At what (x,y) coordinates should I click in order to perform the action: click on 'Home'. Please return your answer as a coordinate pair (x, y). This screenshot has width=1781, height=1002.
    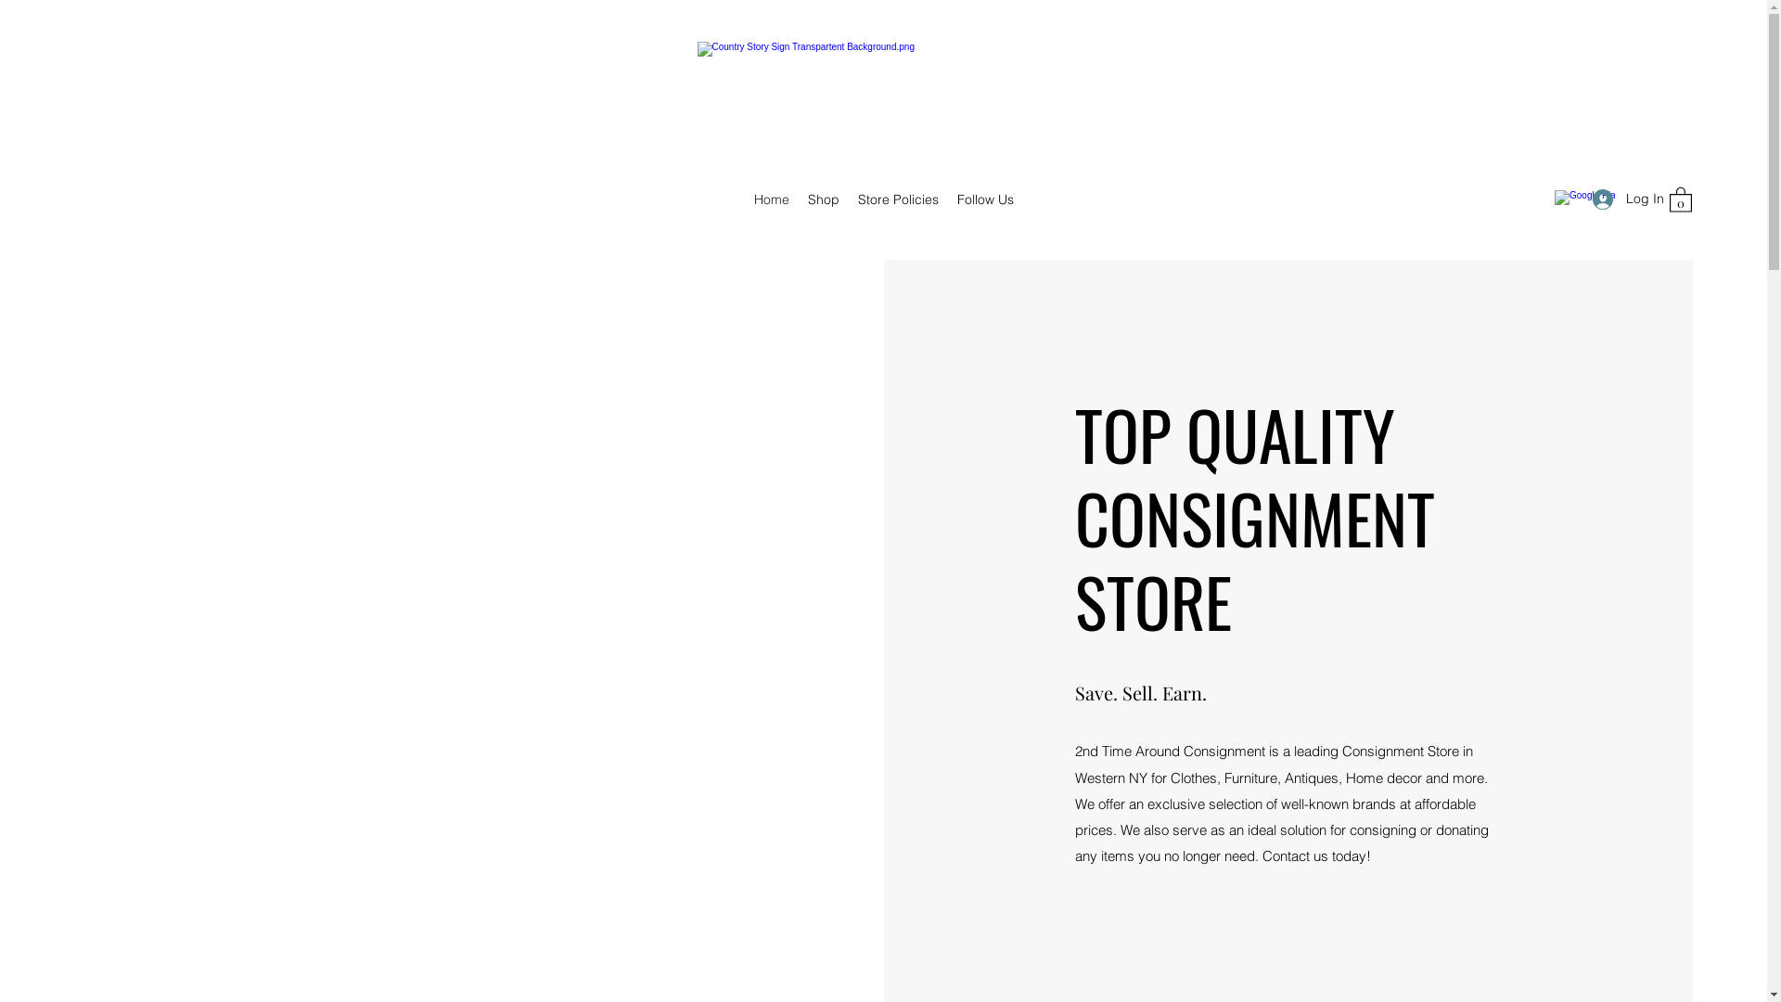
    Looking at the image, I should click on (770, 199).